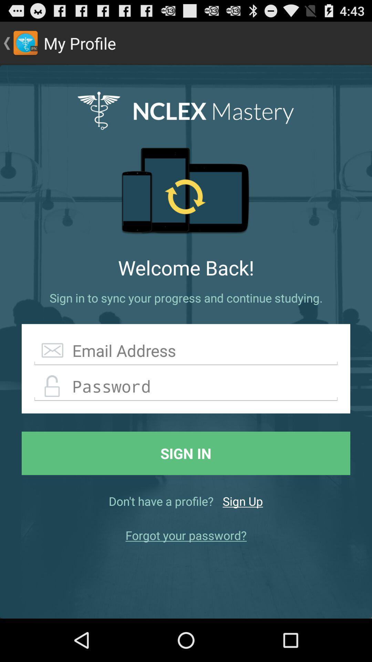  I want to click on sign up icon, so click(242, 501).